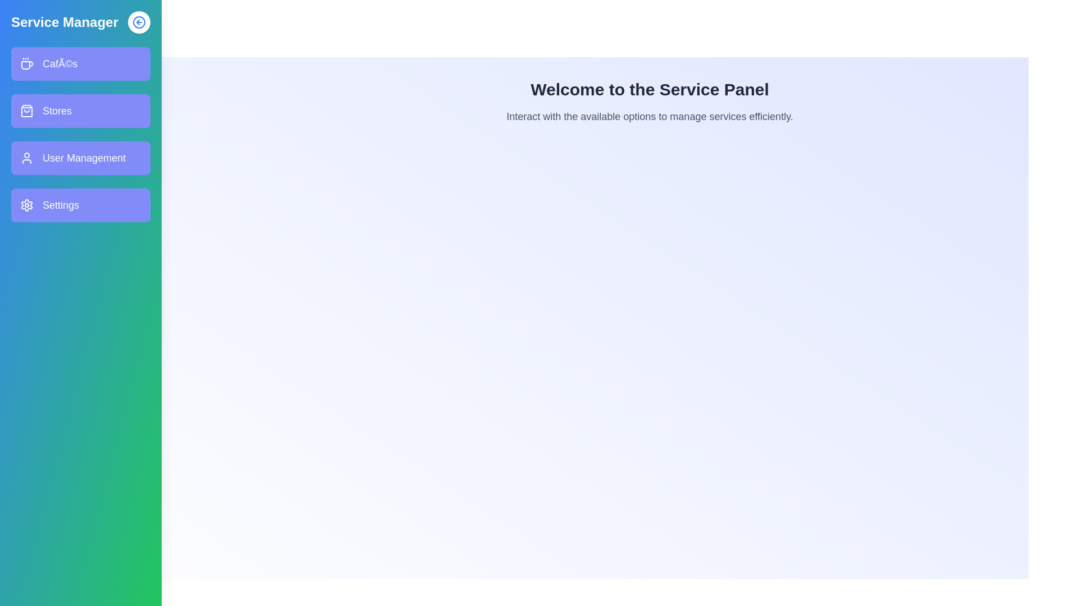 This screenshot has height=606, width=1078. What do you see at coordinates (80, 111) in the screenshot?
I see `the 'Stores' menu item in the dashboard drawer` at bounding box center [80, 111].